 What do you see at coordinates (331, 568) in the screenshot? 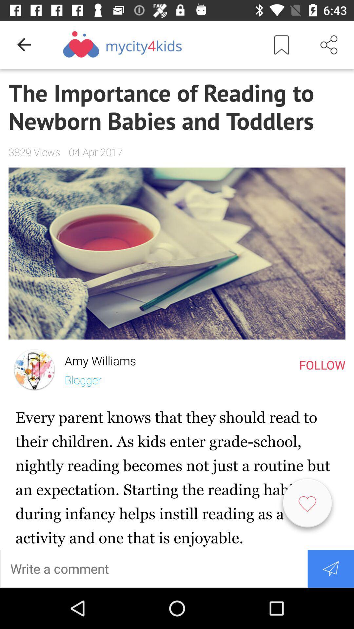
I see `mail this article` at bounding box center [331, 568].